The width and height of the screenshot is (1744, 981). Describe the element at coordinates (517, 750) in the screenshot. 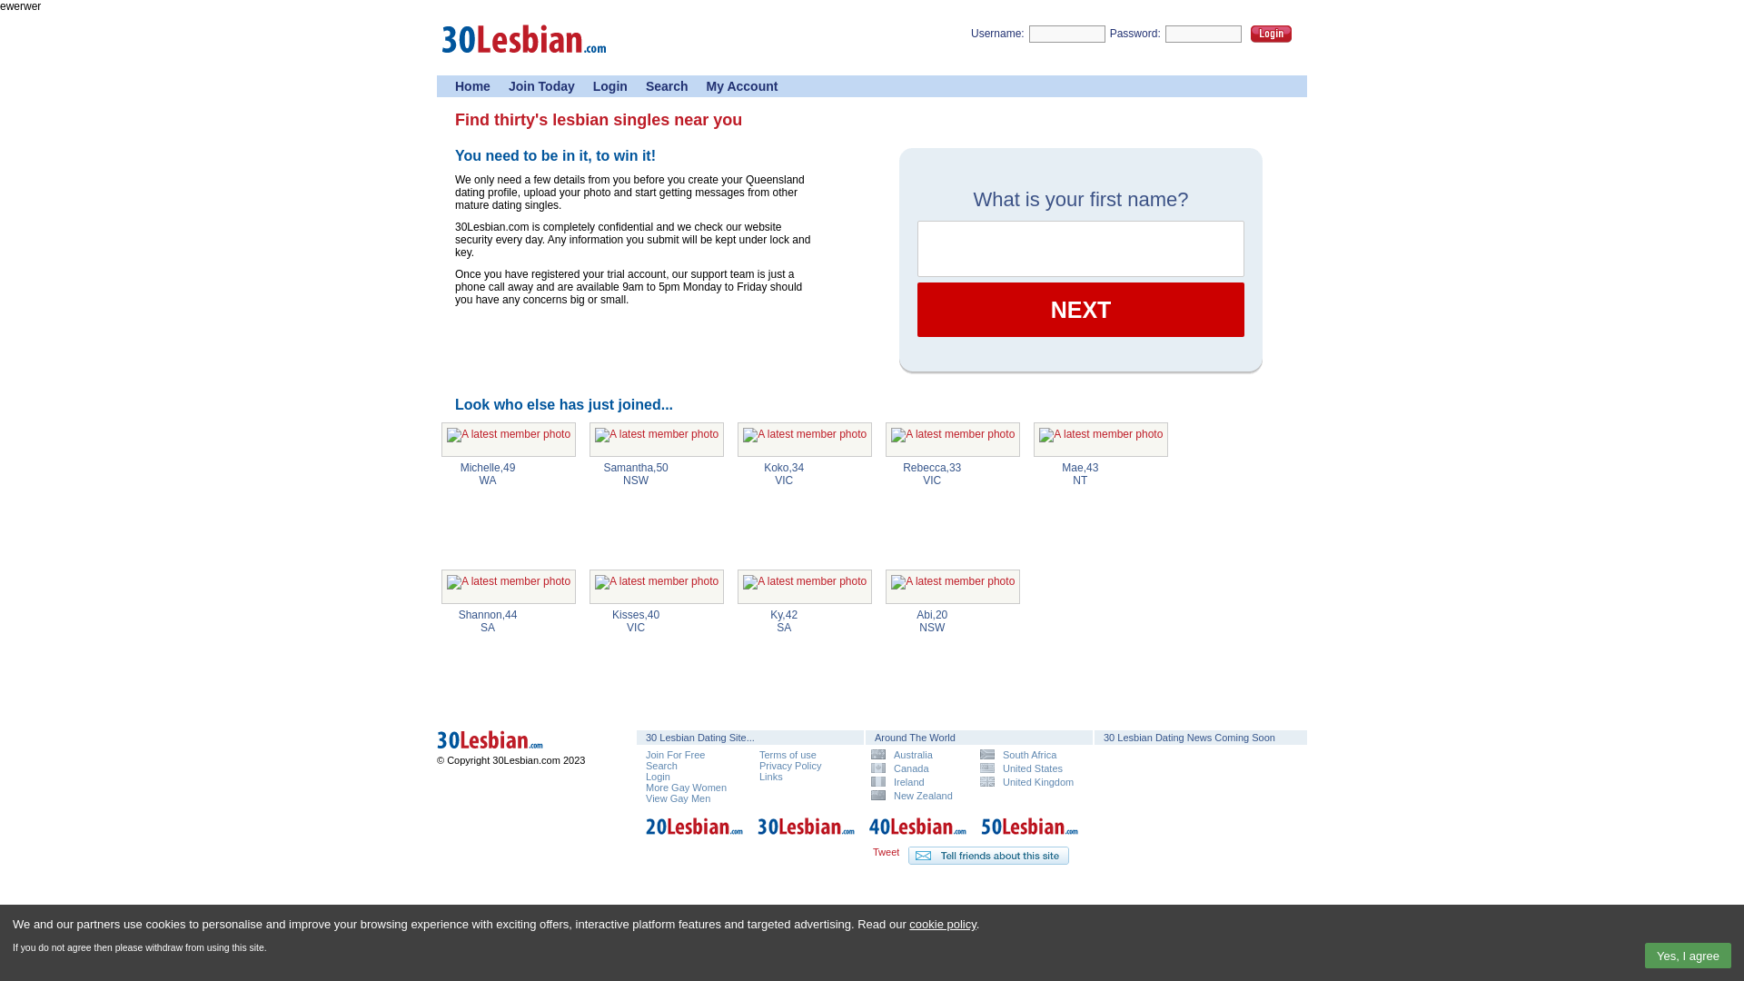

I see `'30 Lesbian Dating Australia'` at that location.